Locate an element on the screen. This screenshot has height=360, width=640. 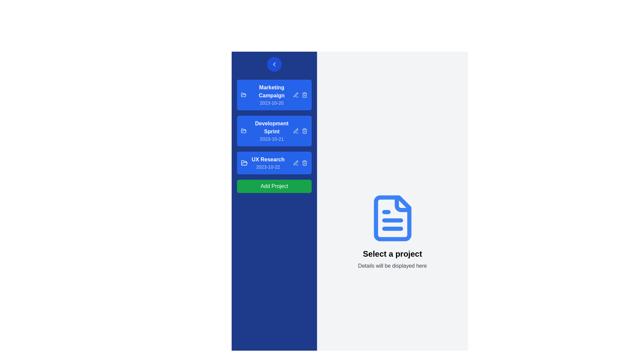
the informative text element located below the 'Select a project' label is located at coordinates (392, 266).